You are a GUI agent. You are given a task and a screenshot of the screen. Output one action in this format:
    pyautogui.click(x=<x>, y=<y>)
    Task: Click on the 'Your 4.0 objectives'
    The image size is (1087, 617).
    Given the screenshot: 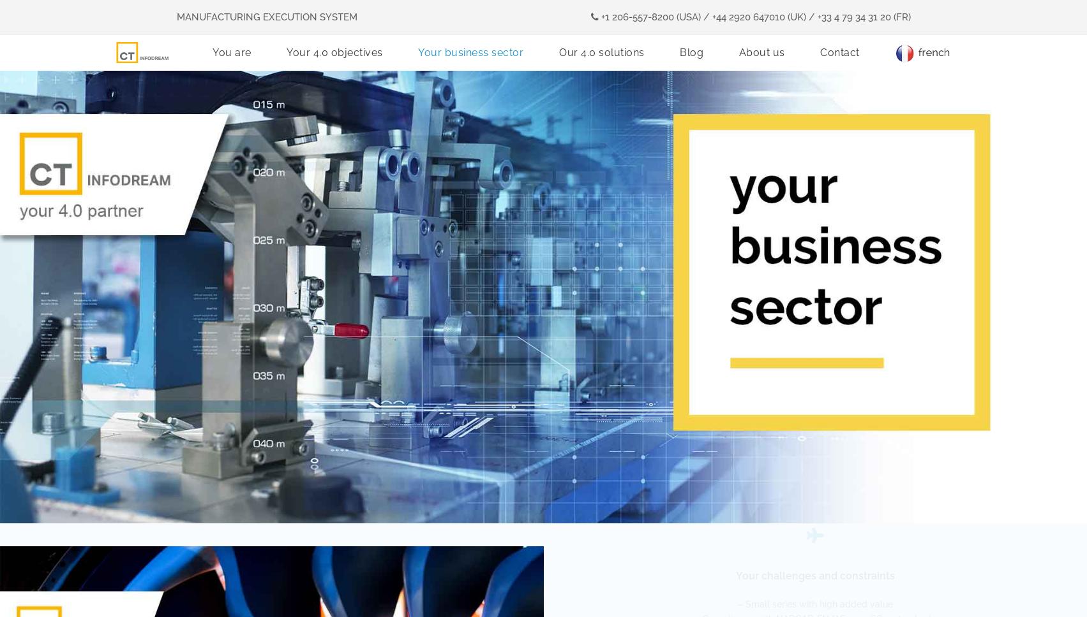 What is the action you would take?
    pyautogui.click(x=334, y=50)
    